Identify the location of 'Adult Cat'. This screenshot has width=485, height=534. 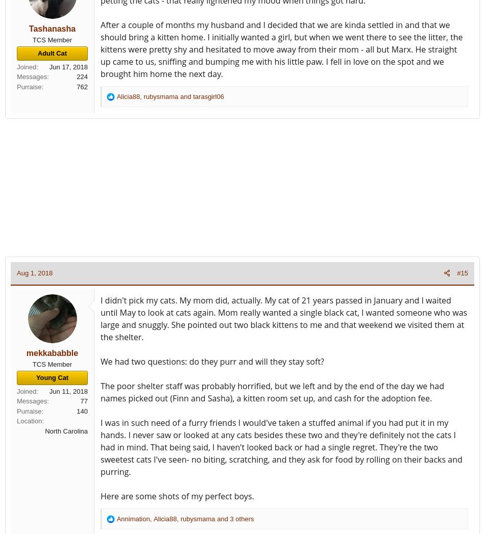
(52, 53).